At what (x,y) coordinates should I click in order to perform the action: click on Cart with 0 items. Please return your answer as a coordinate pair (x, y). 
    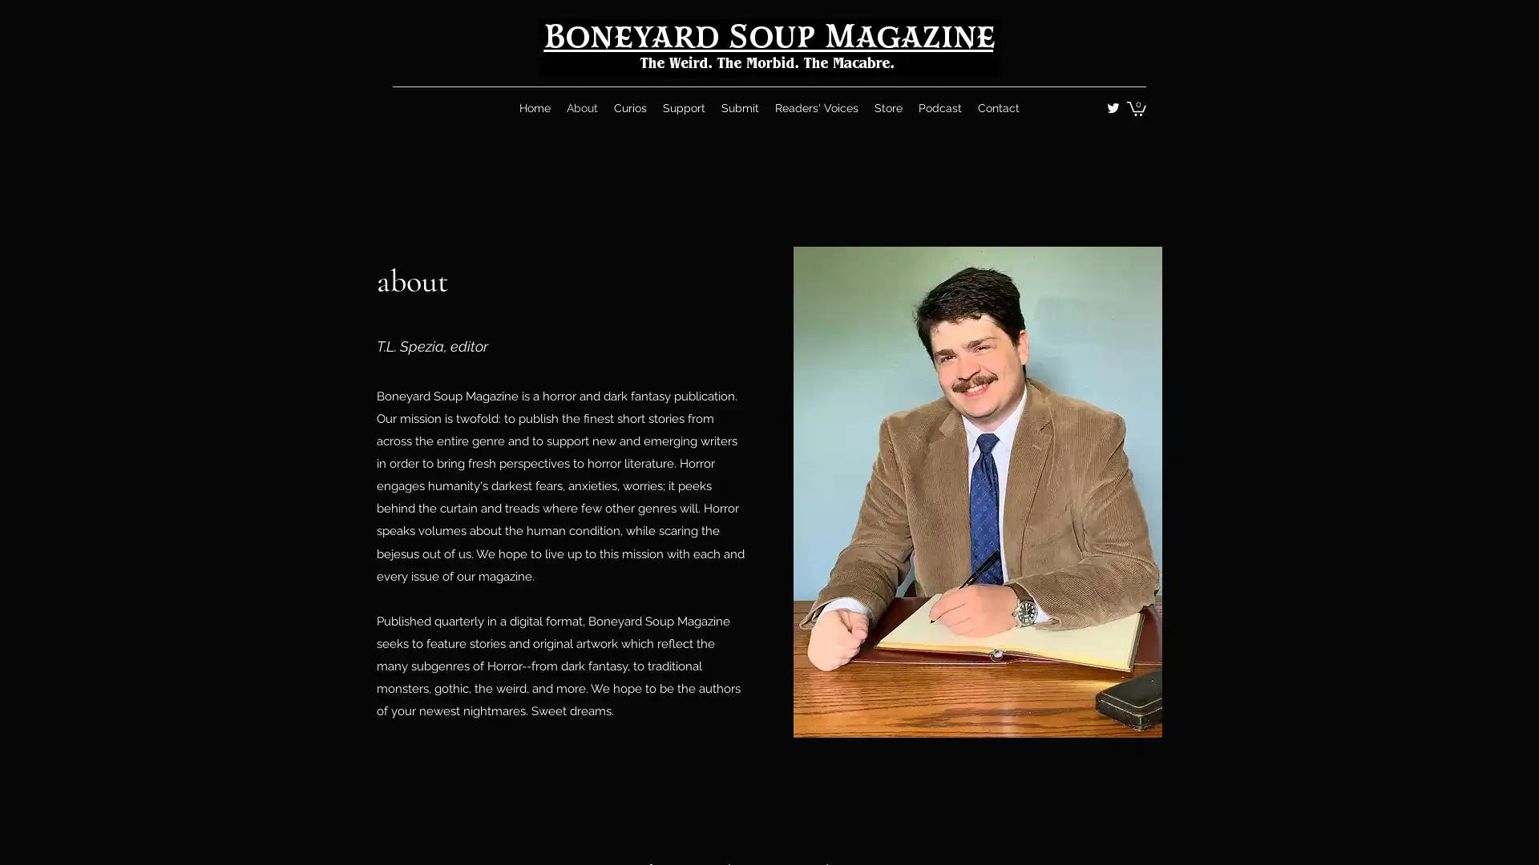
    Looking at the image, I should click on (1135, 108).